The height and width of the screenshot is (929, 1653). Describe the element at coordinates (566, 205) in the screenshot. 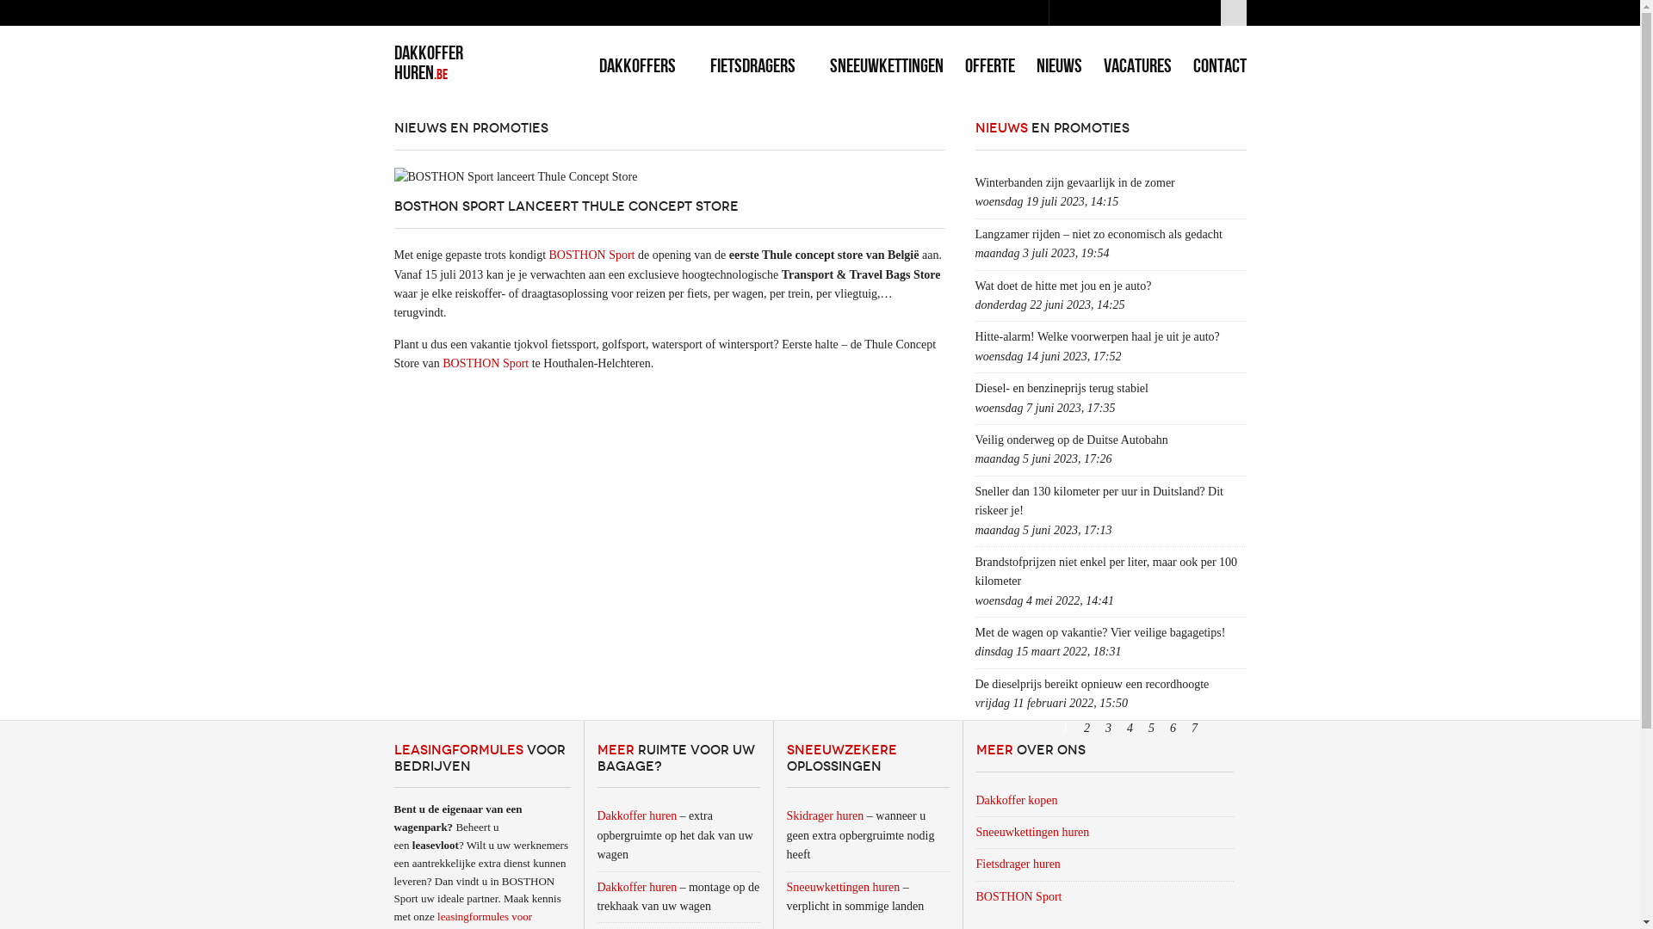

I see `'BOSTHON SPORT LANCEERT THULE CONCEPT STORE'` at that location.